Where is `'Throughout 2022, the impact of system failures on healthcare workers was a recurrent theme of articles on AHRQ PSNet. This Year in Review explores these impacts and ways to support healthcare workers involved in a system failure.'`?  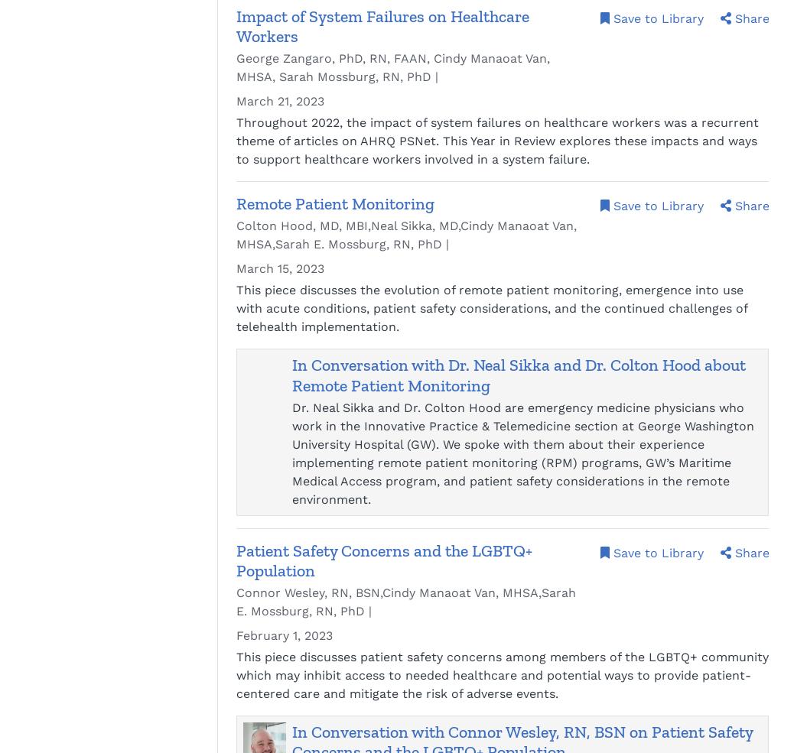 'Throughout 2022, the impact of system failures on healthcare workers was a recurrent theme of articles on AHRQ PSNet. This Year in Review explores these impacts and ways to support healthcare workers involved in a system failure.' is located at coordinates (496, 141).